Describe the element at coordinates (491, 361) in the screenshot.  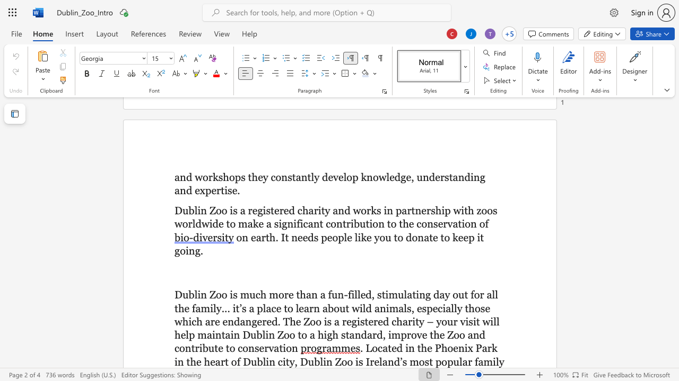
I see `the space between the continuous character "m" and "i" in the text` at that location.